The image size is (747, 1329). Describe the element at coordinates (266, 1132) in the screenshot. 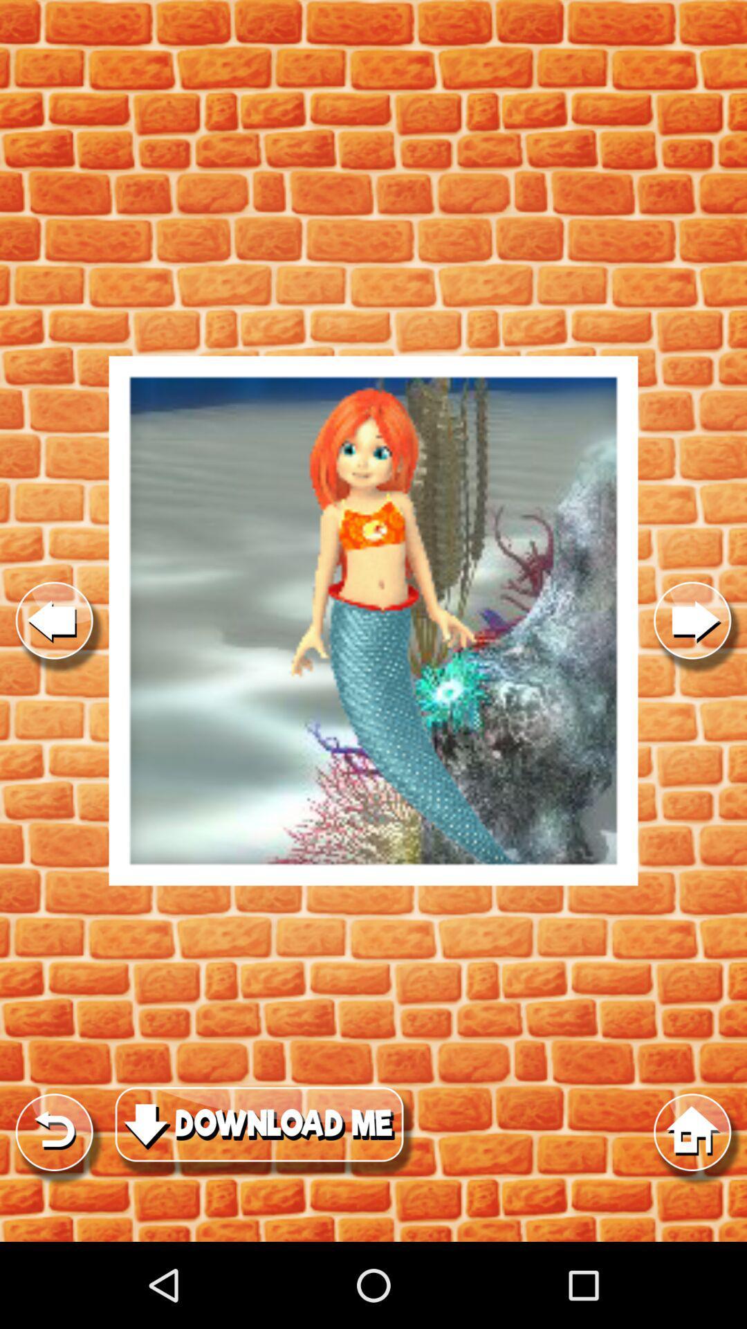

I see `download` at that location.